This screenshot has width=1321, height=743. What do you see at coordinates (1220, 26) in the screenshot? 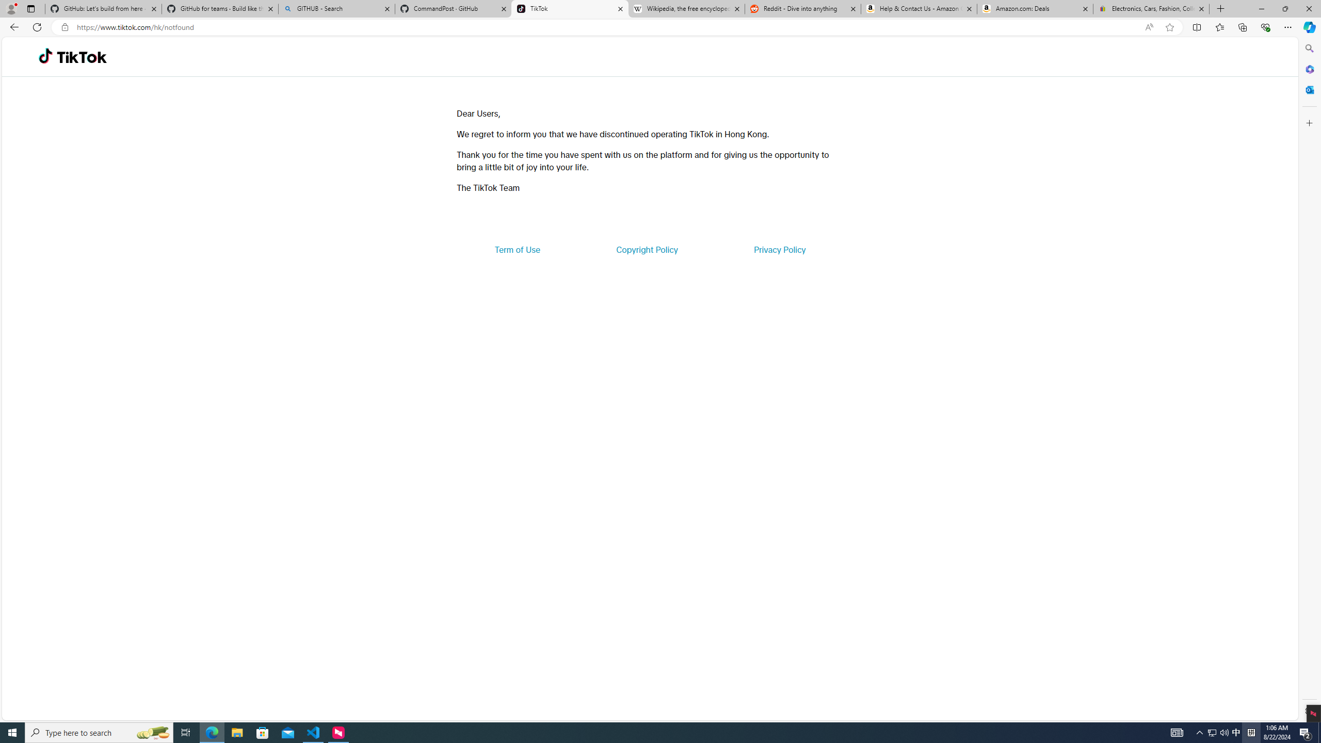
I see `'Favorites'` at bounding box center [1220, 26].